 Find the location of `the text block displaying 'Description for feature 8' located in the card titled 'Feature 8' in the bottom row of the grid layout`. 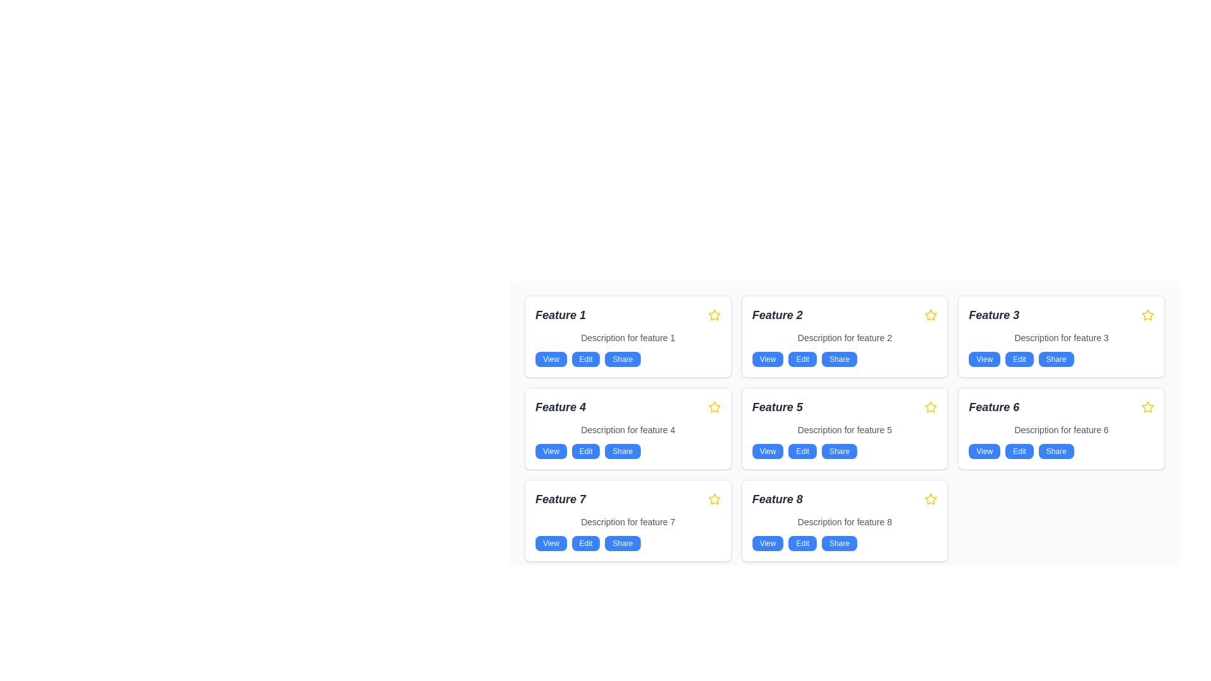

the text block displaying 'Description for feature 8' located in the card titled 'Feature 8' in the bottom row of the grid layout is located at coordinates (845, 522).